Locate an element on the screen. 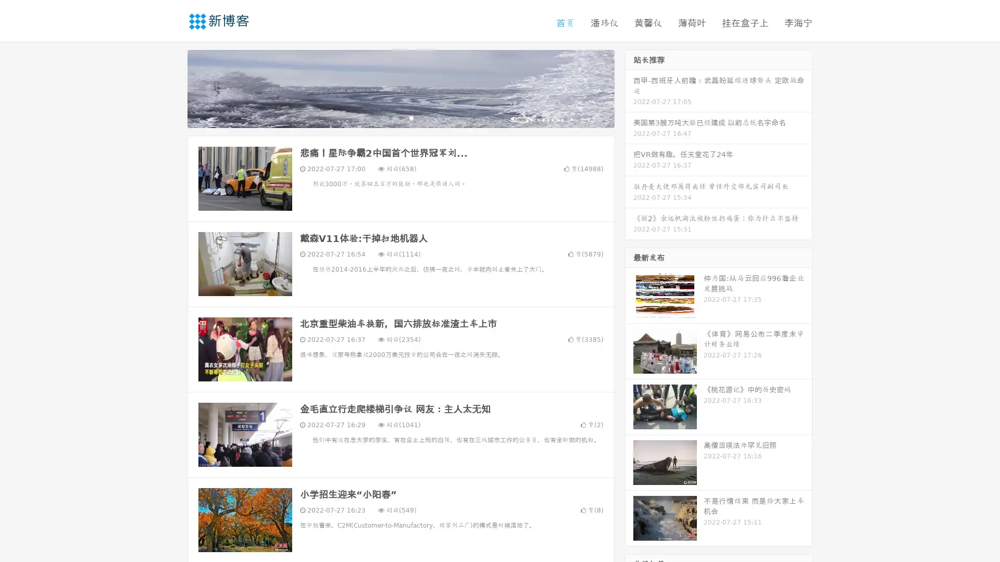  Go to slide 2 is located at coordinates (400, 117).